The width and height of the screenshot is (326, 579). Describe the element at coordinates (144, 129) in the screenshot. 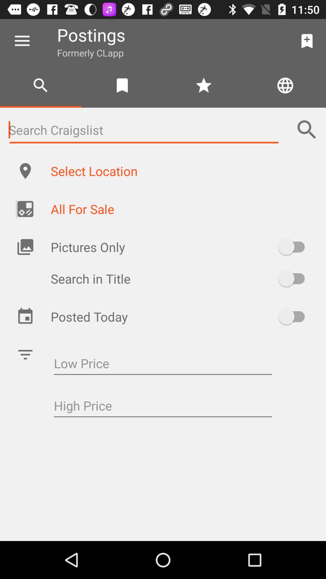

I see `search bar` at that location.